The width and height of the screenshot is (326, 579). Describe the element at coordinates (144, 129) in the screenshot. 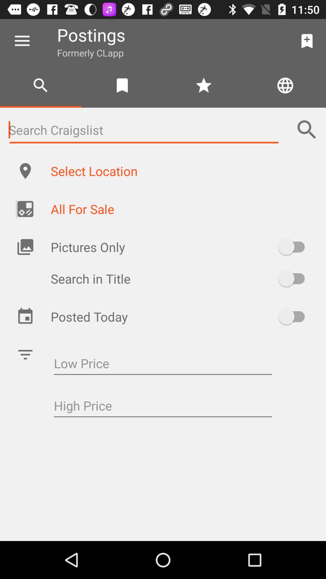

I see `search bar` at that location.